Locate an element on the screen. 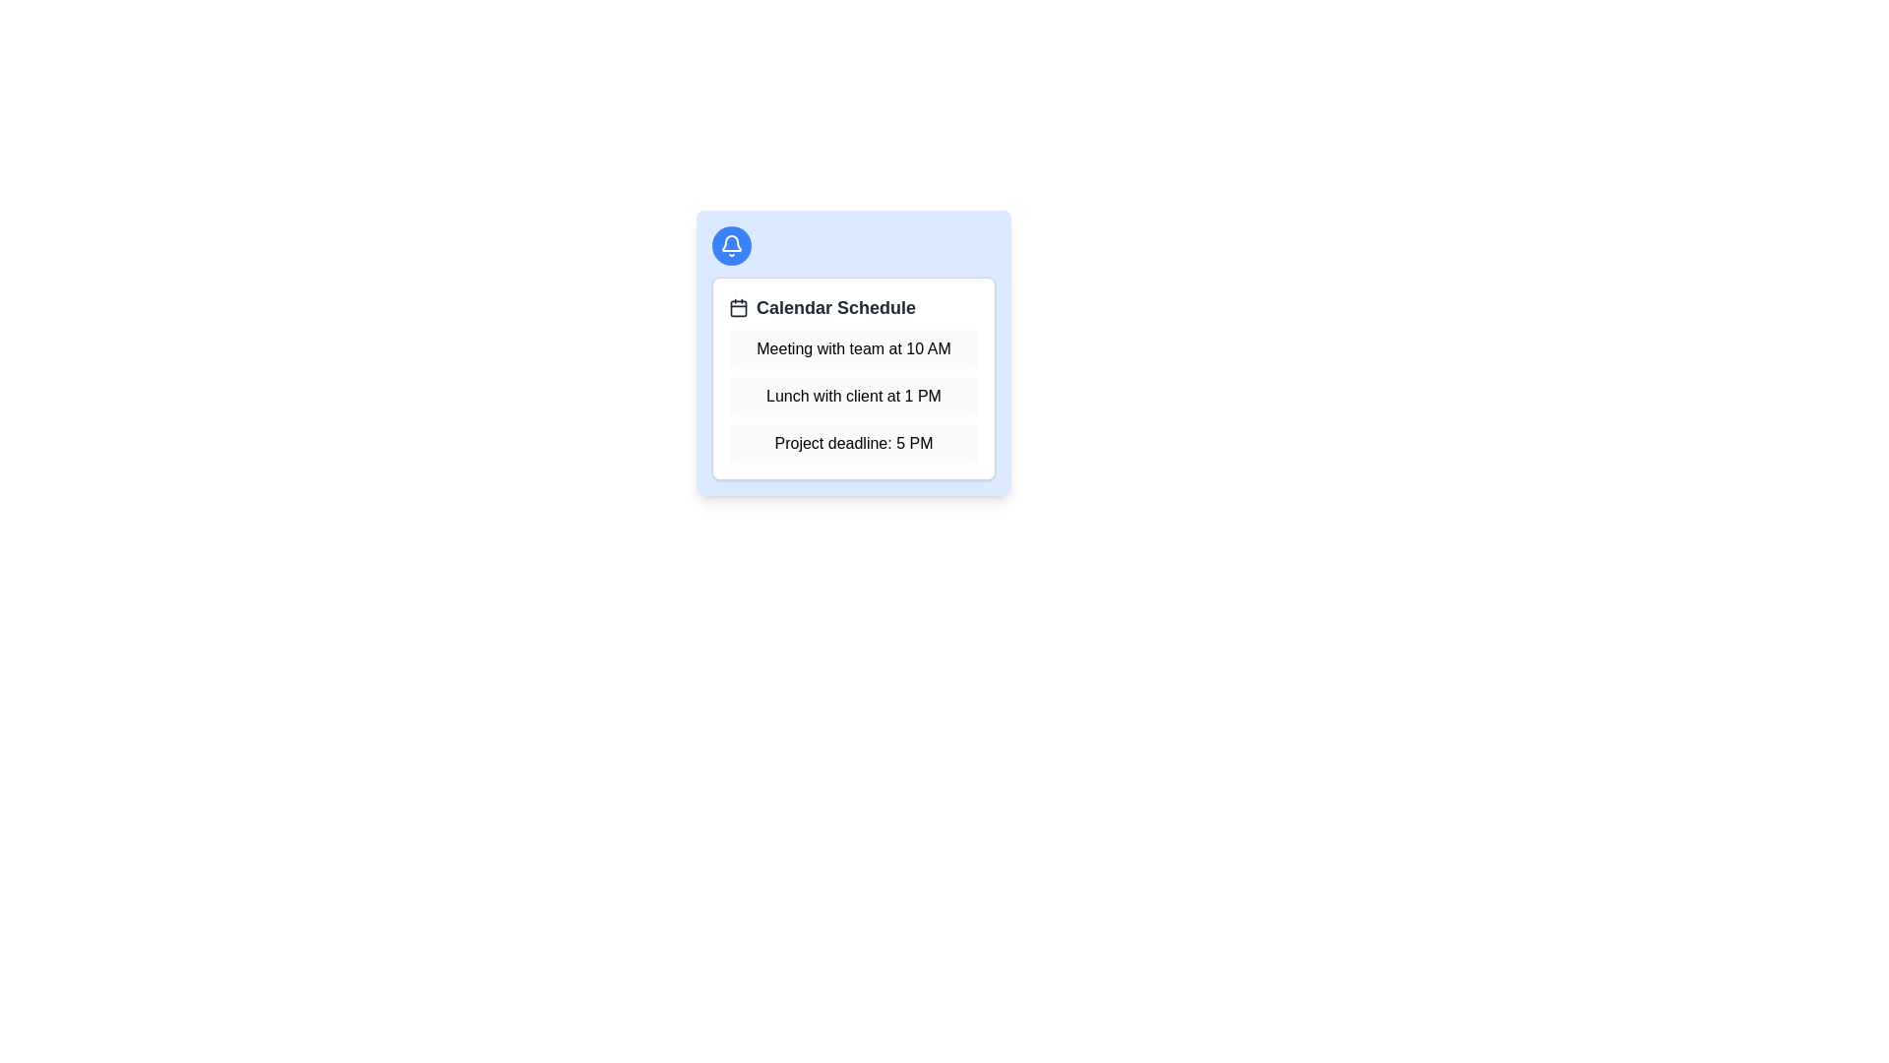 The width and height of the screenshot is (1889, 1063). the decorative icon symbolizing notifications or alerts related to the calendar schedule displayed in the card, located in the upper-left corner of the card is located at coordinates (731, 242).